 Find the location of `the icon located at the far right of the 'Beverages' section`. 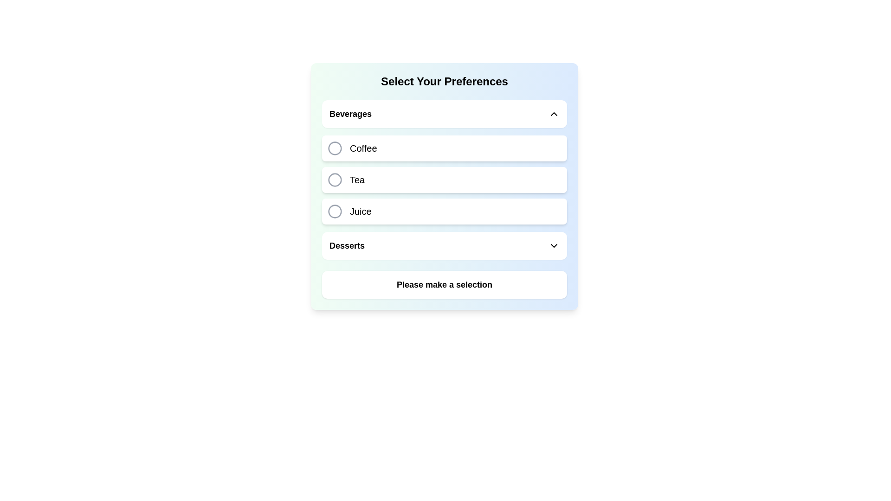

the icon located at the far right of the 'Beverages' section is located at coordinates (554, 114).